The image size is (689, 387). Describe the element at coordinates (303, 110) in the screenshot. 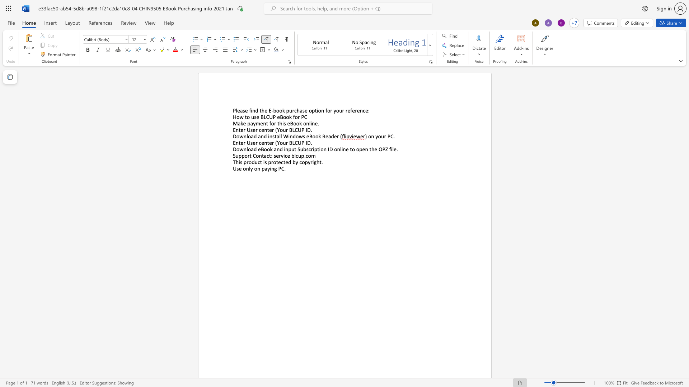

I see `the 2th character "s" in the text` at that location.